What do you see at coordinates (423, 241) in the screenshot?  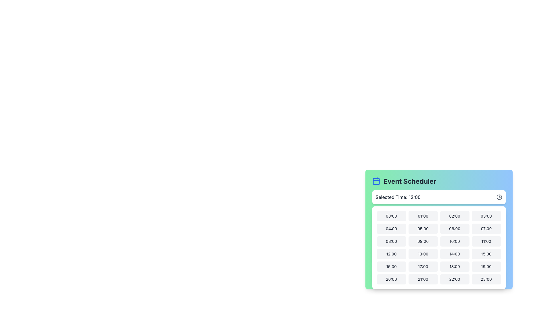 I see `the interactive button labeled '09:00' in the event scheduling interface` at bounding box center [423, 241].